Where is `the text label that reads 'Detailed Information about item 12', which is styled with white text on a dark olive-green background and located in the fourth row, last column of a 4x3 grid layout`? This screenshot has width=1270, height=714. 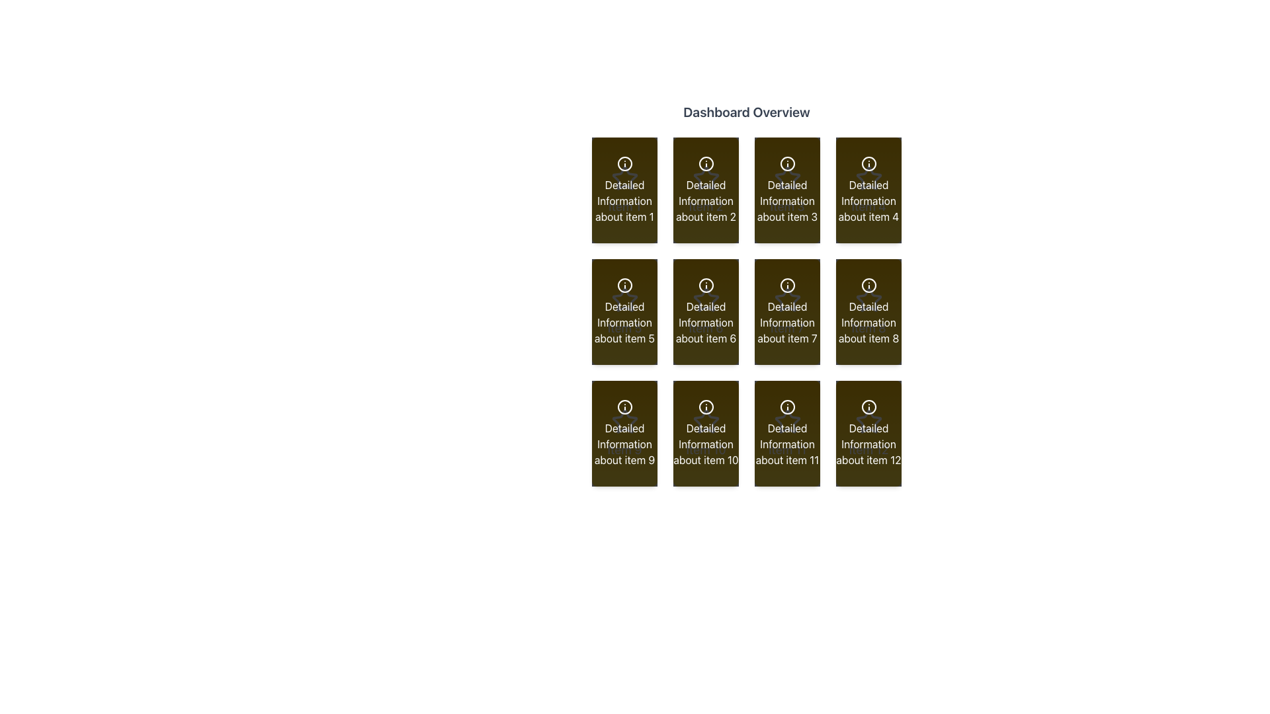
the text label that reads 'Detailed Information about item 12', which is styled with white text on a dark olive-green background and located in the fourth row, last column of a 4x3 grid layout is located at coordinates (868, 444).